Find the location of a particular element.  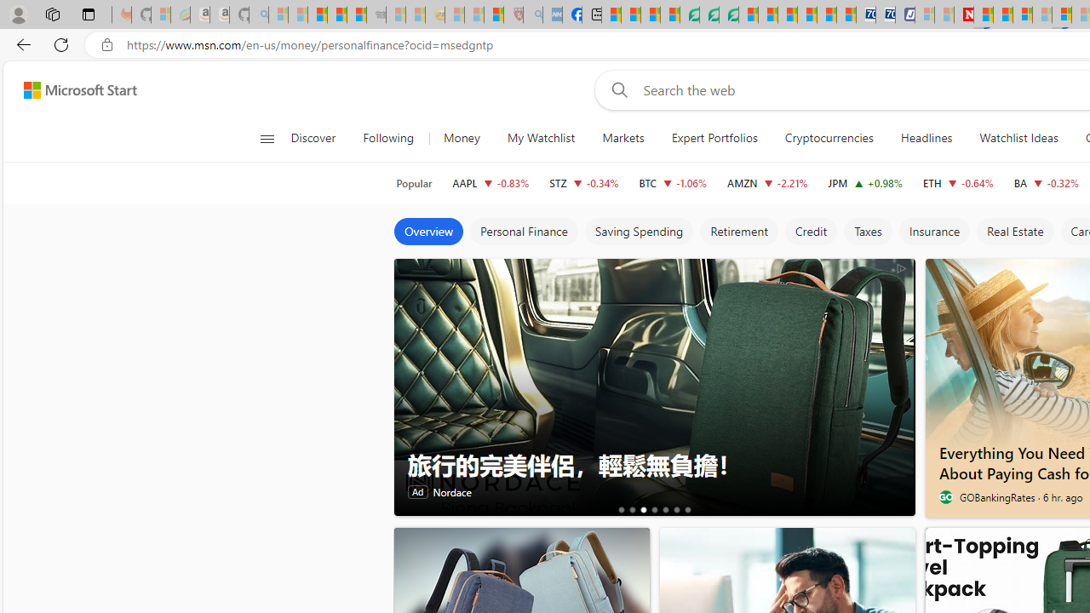

'BTC Bitcoin decrease 60,599.60 -639.75 -1.06%' is located at coordinates (673, 182).